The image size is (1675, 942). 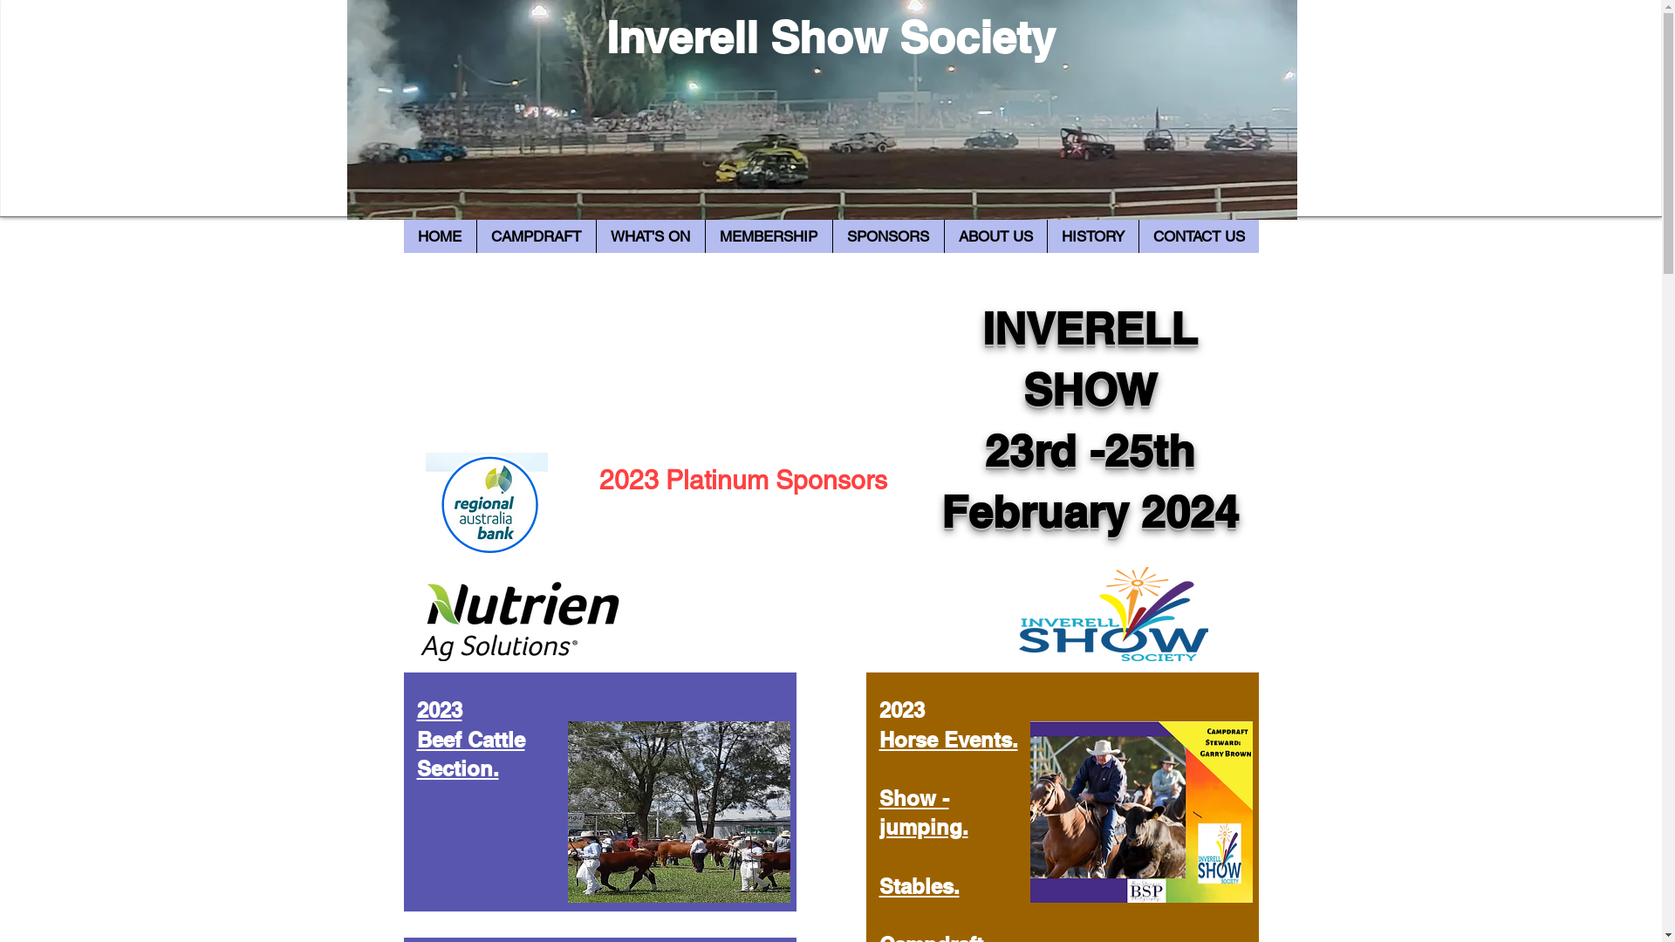 I want to click on 'HOME', so click(x=439, y=235).